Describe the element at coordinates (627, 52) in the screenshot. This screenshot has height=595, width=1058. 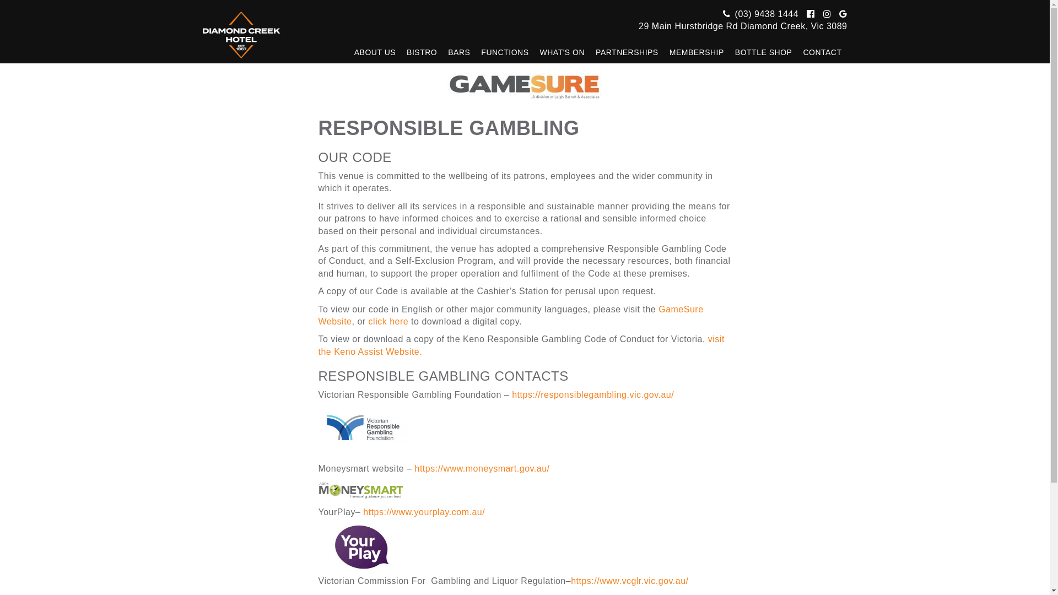
I see `'PARTNERSHIPS'` at that location.